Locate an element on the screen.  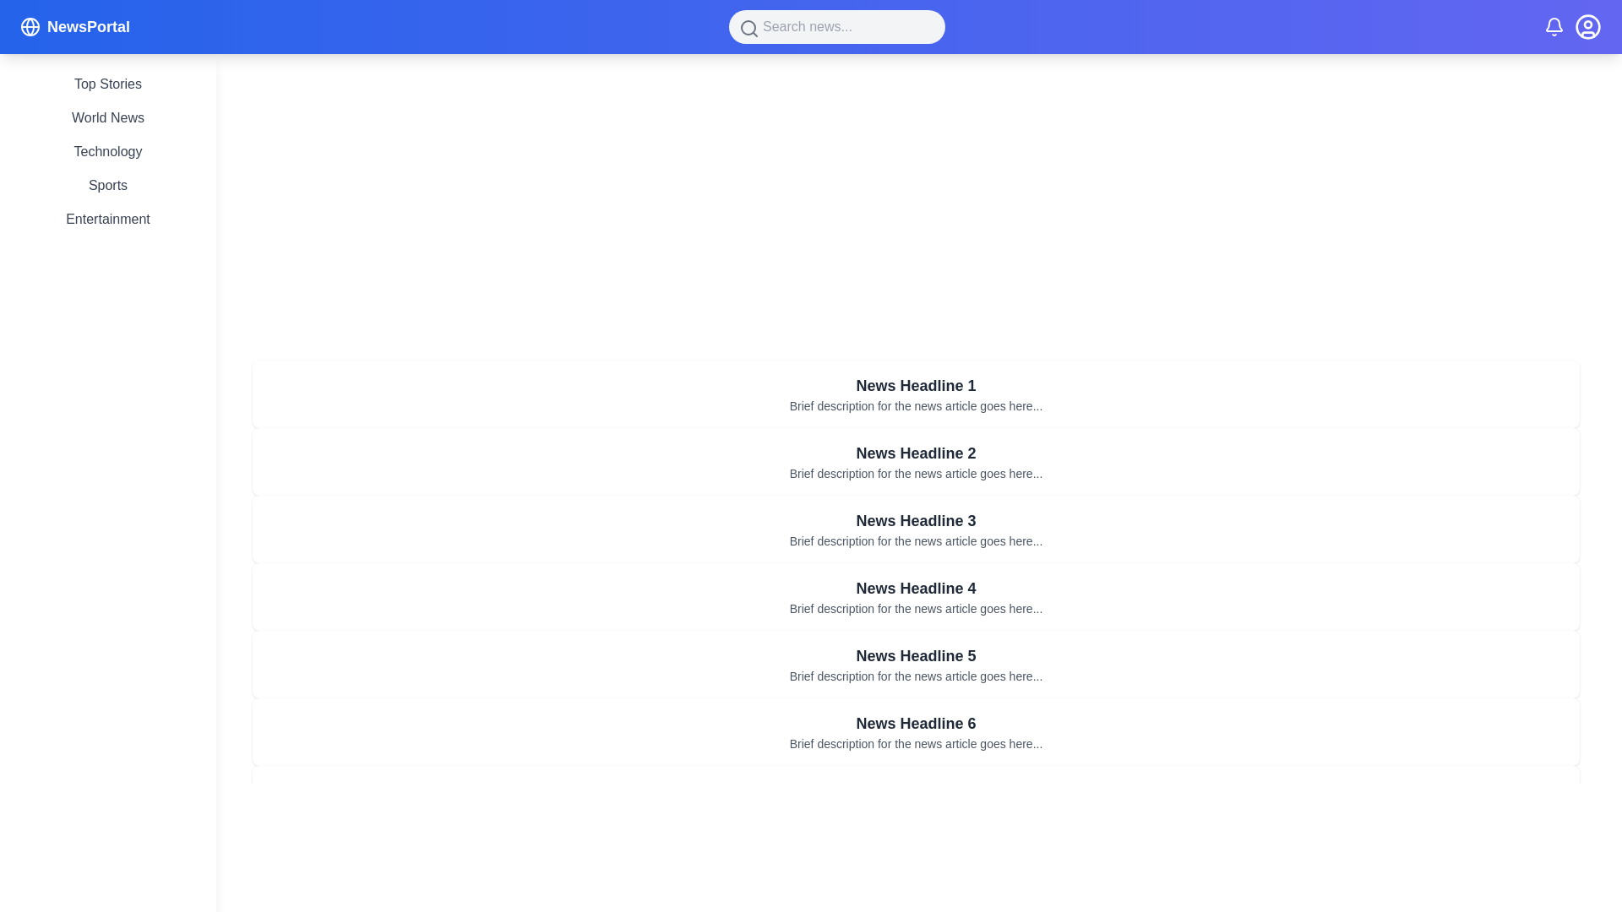
the interactive card that serves as a preview for a news article, positioned as the sixth card in a vertical grid of cards is located at coordinates (915, 731).